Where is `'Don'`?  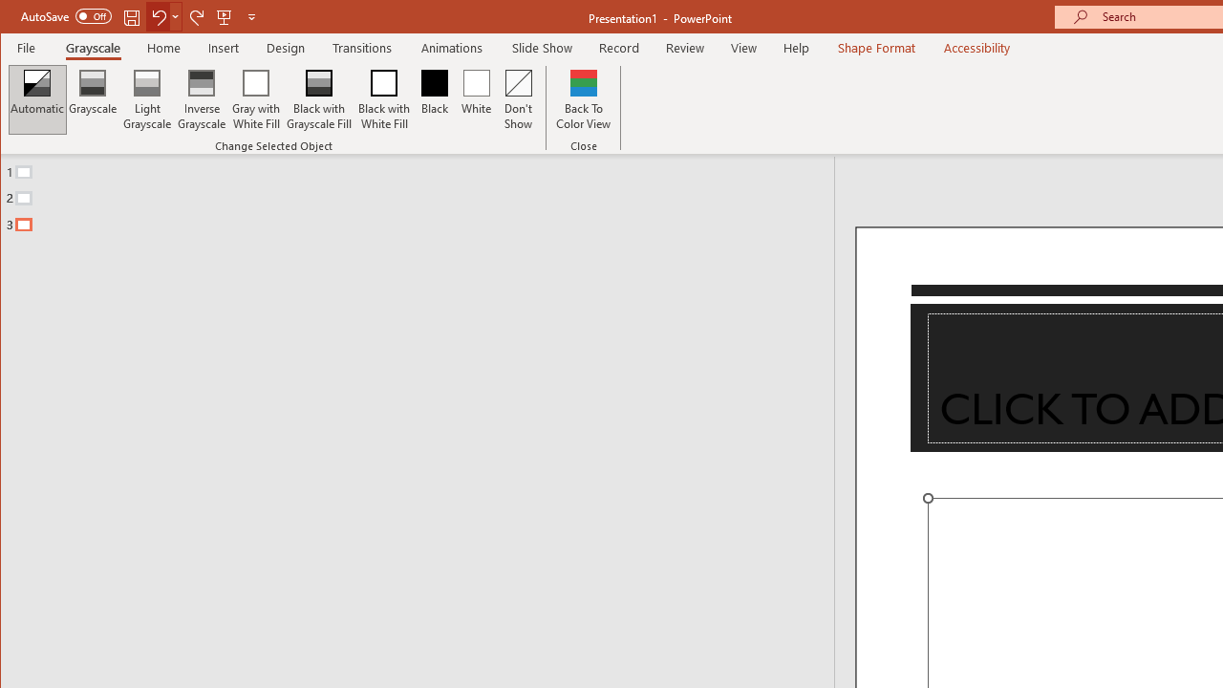 'Don' is located at coordinates (519, 99).